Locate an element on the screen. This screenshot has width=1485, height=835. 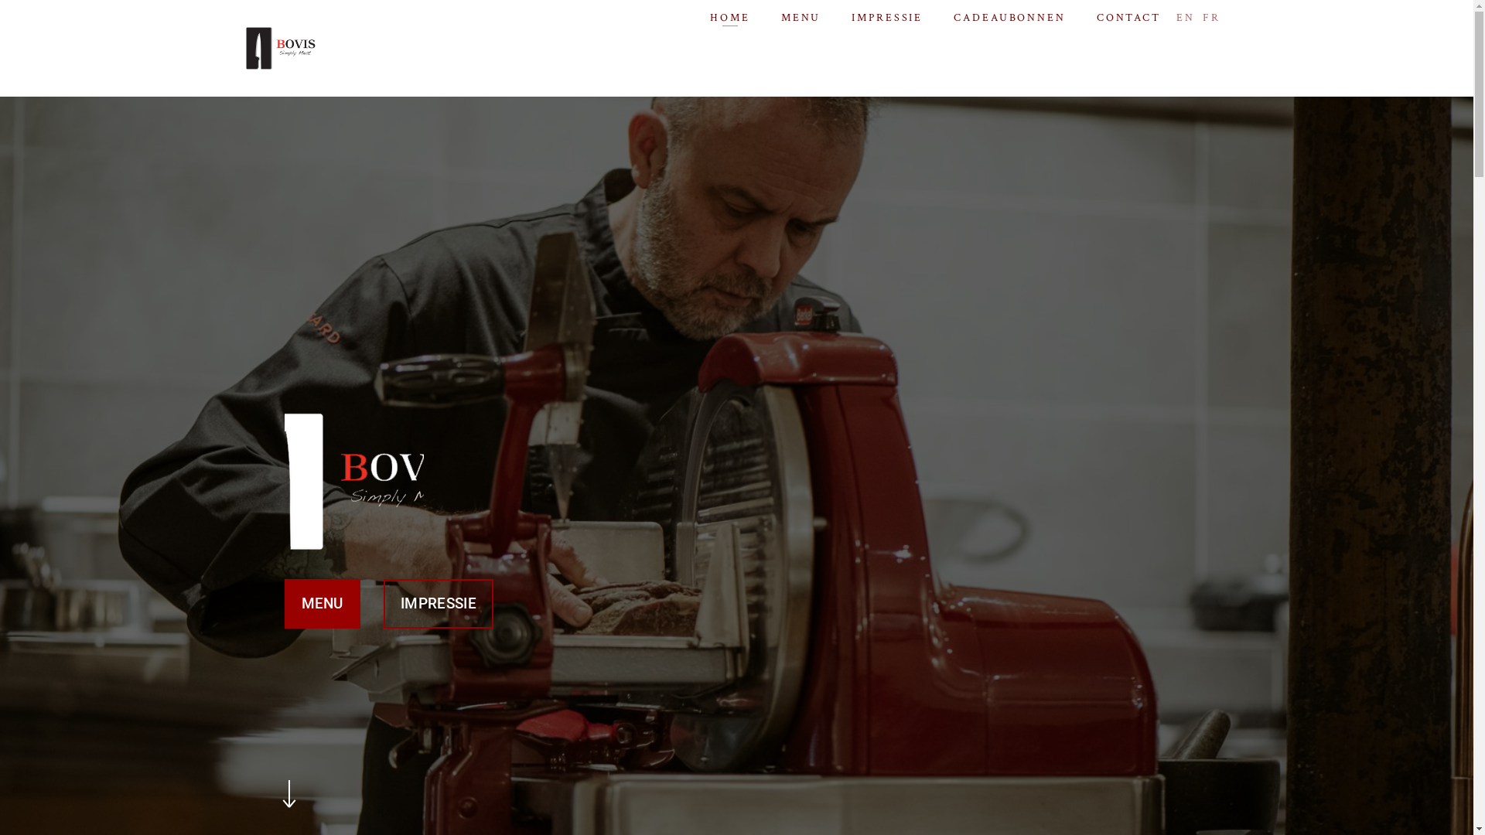
'EN' is located at coordinates (1184, 17).